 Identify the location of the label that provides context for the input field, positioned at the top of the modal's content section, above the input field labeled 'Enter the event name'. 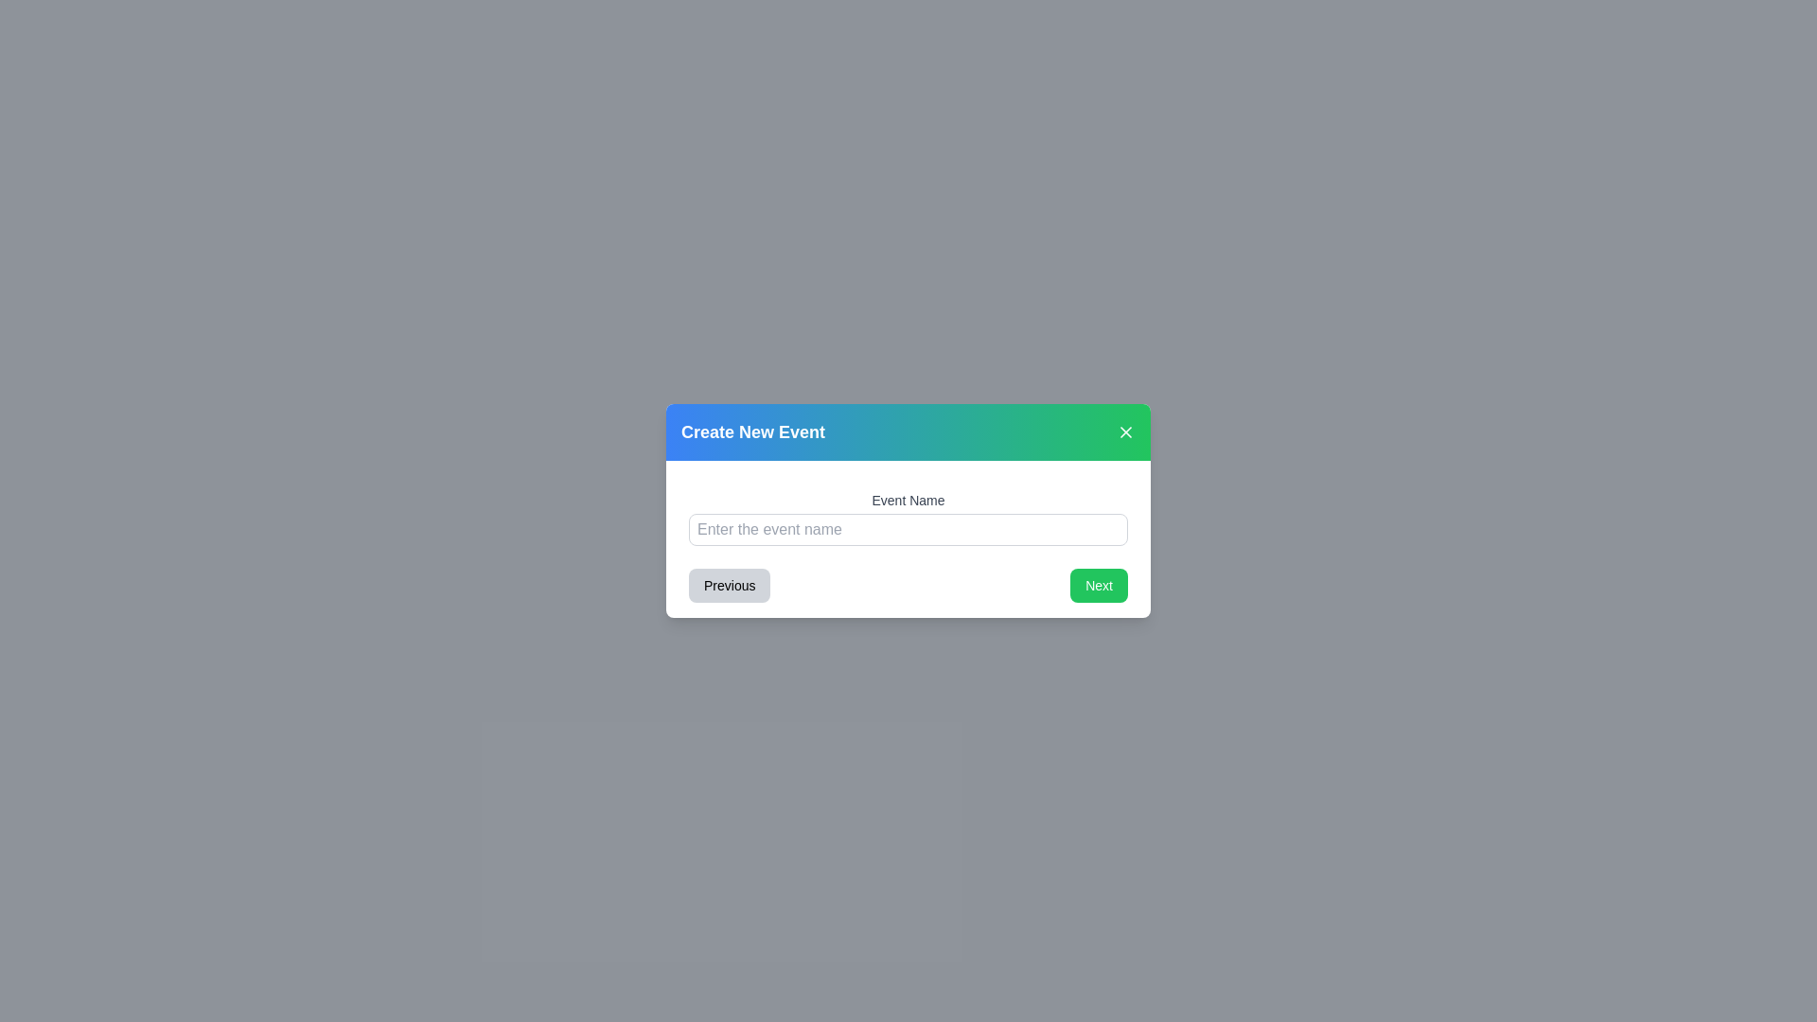
(908, 499).